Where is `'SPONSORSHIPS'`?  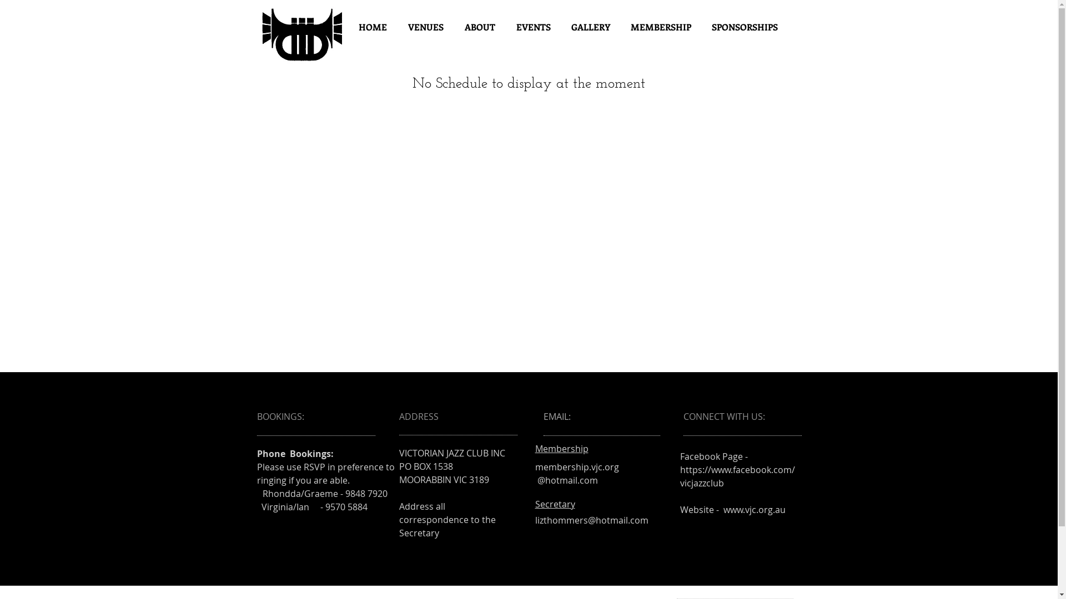
'SPONSORSHIPS' is located at coordinates (745, 26).